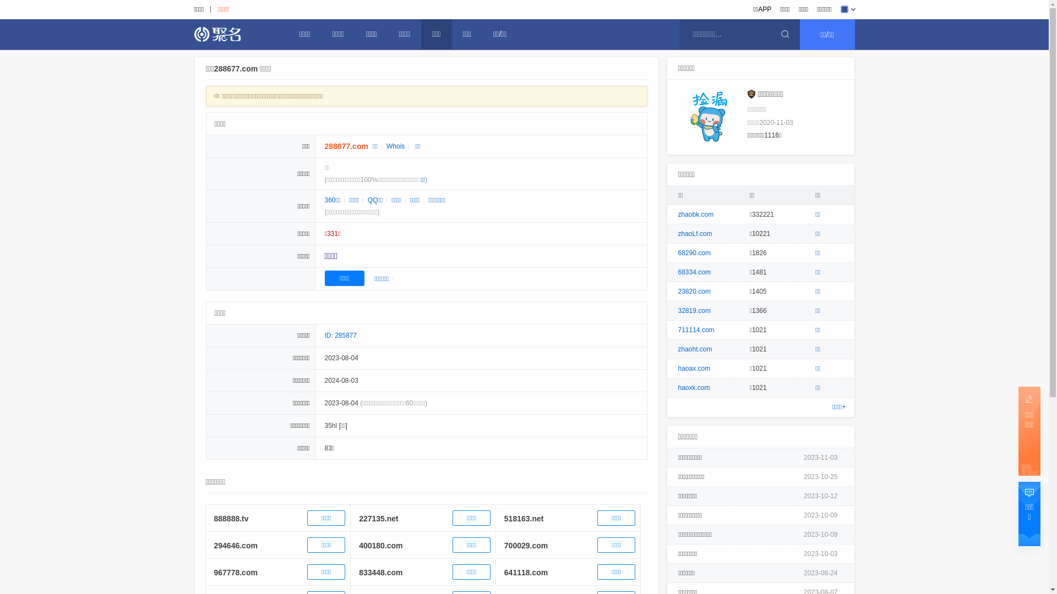 This screenshot has height=594, width=1057. What do you see at coordinates (340, 334) in the screenshot?
I see `'ID: 285877'` at bounding box center [340, 334].